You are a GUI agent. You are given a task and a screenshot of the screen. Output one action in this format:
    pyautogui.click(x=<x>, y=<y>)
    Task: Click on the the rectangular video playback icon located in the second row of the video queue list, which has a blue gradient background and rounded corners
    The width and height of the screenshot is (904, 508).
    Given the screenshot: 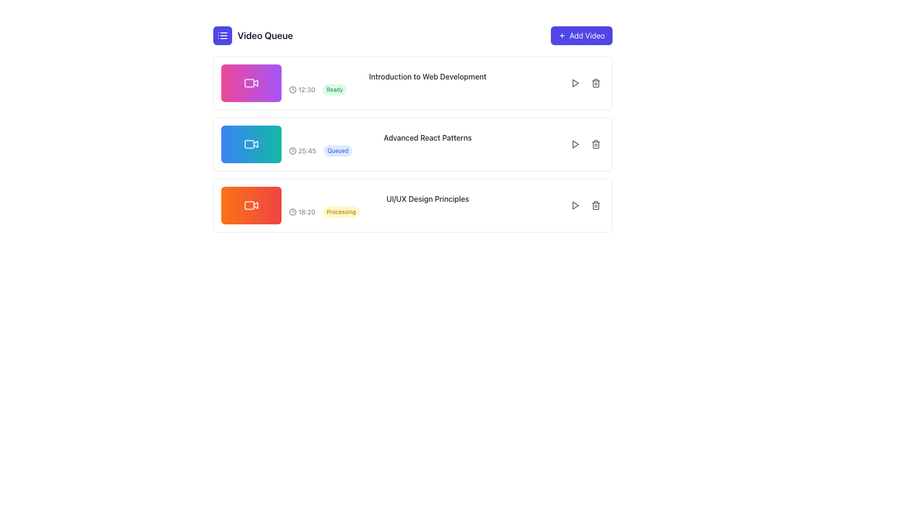 What is the action you would take?
    pyautogui.click(x=249, y=144)
    